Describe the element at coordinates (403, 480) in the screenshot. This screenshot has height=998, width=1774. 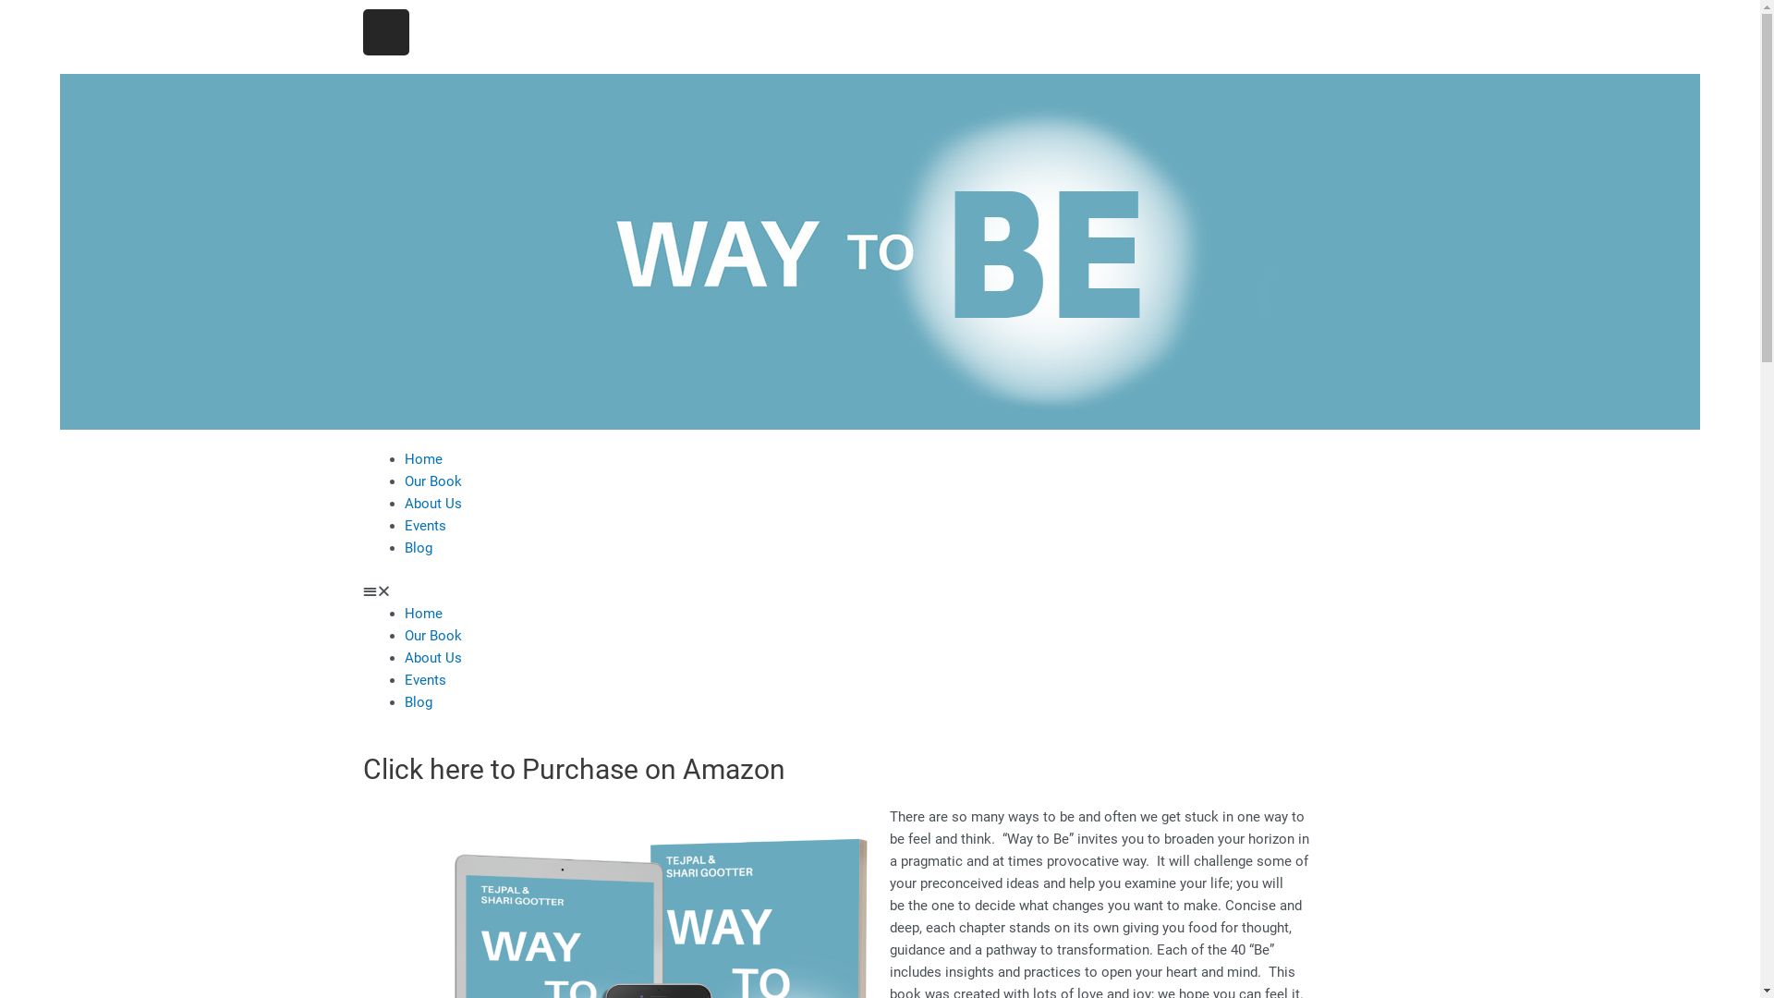
I see `'Our Book'` at that location.